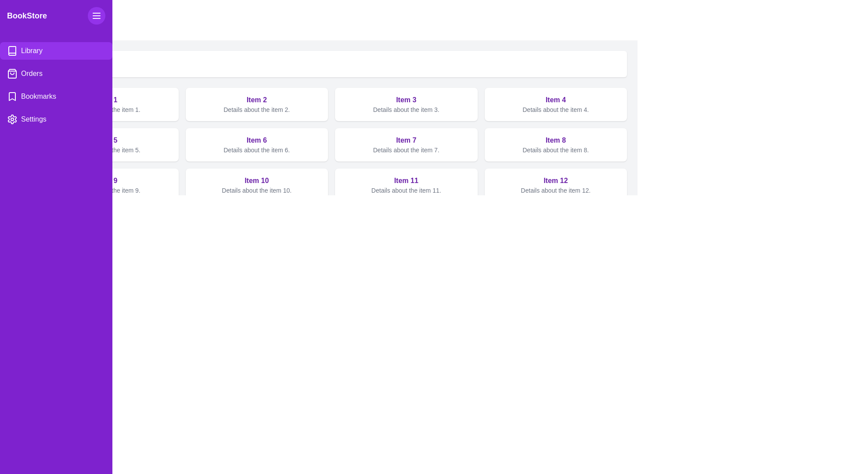 The image size is (843, 474). What do you see at coordinates (555, 180) in the screenshot?
I see `the text label displaying 'Item 12' in bold purple font, located at the top of a white card within a grid layout` at bounding box center [555, 180].